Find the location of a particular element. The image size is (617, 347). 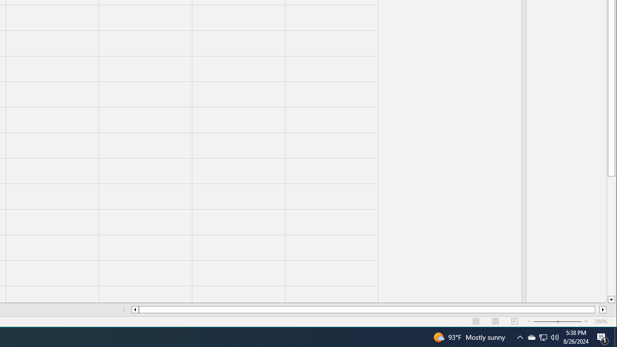

'Show desktop' is located at coordinates (615, 336).